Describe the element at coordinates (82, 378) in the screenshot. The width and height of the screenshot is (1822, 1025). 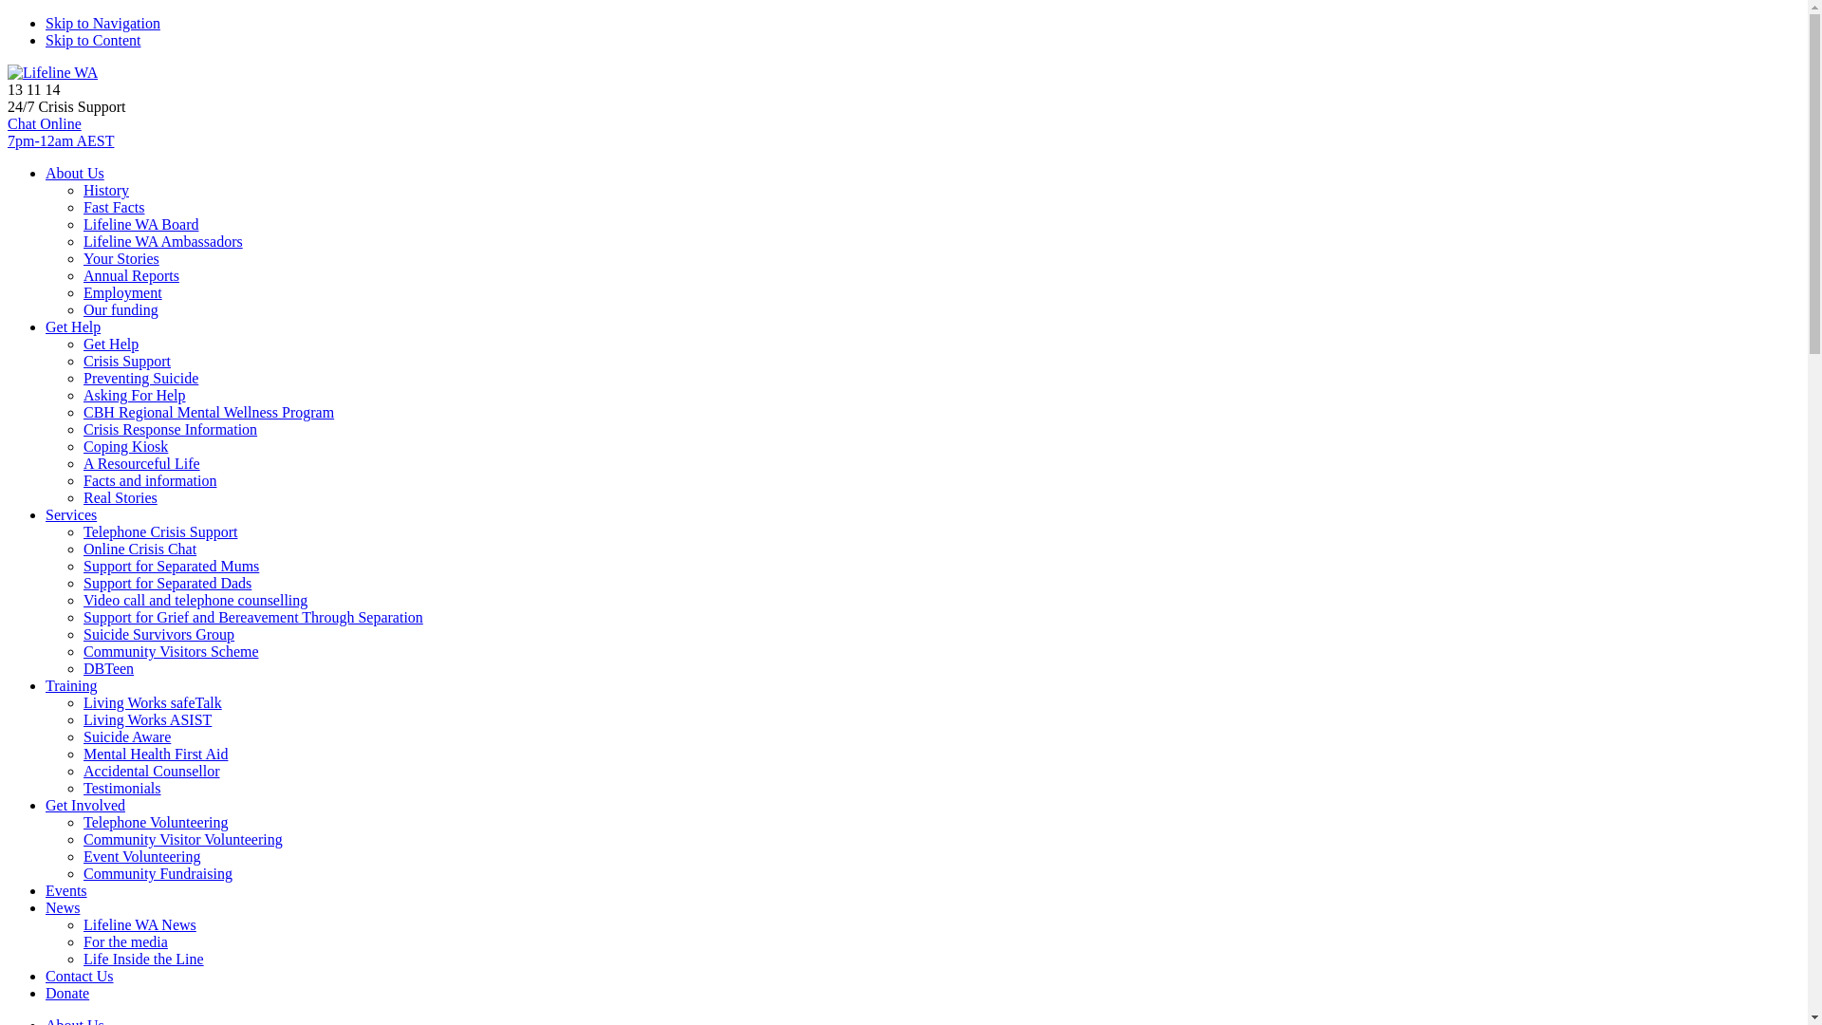
I see `'Preventing Suicide'` at that location.